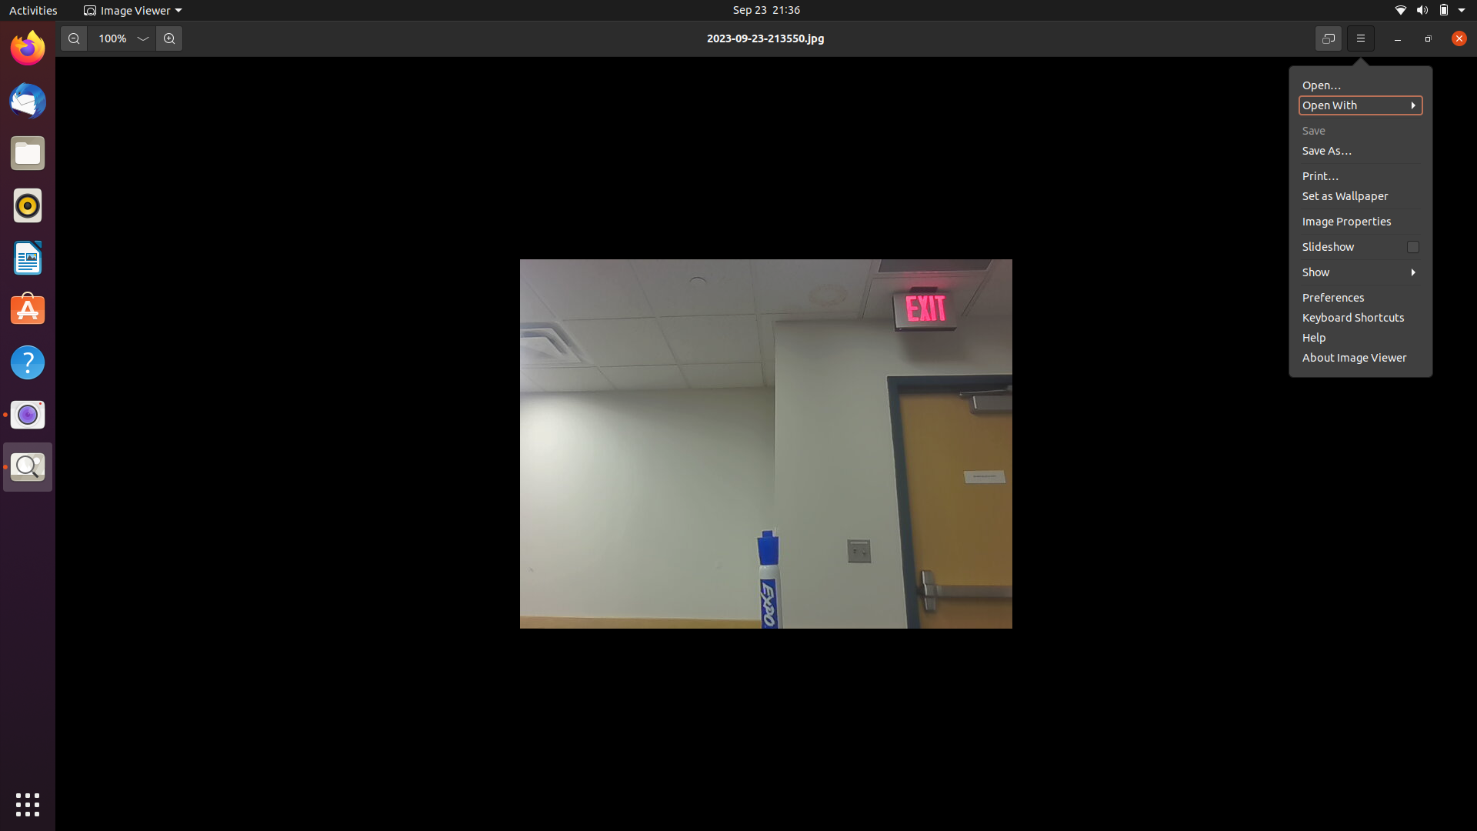 This screenshot has width=1477, height=831. What do you see at coordinates (1358, 245) in the screenshot?
I see `Execute the image properties option` at bounding box center [1358, 245].